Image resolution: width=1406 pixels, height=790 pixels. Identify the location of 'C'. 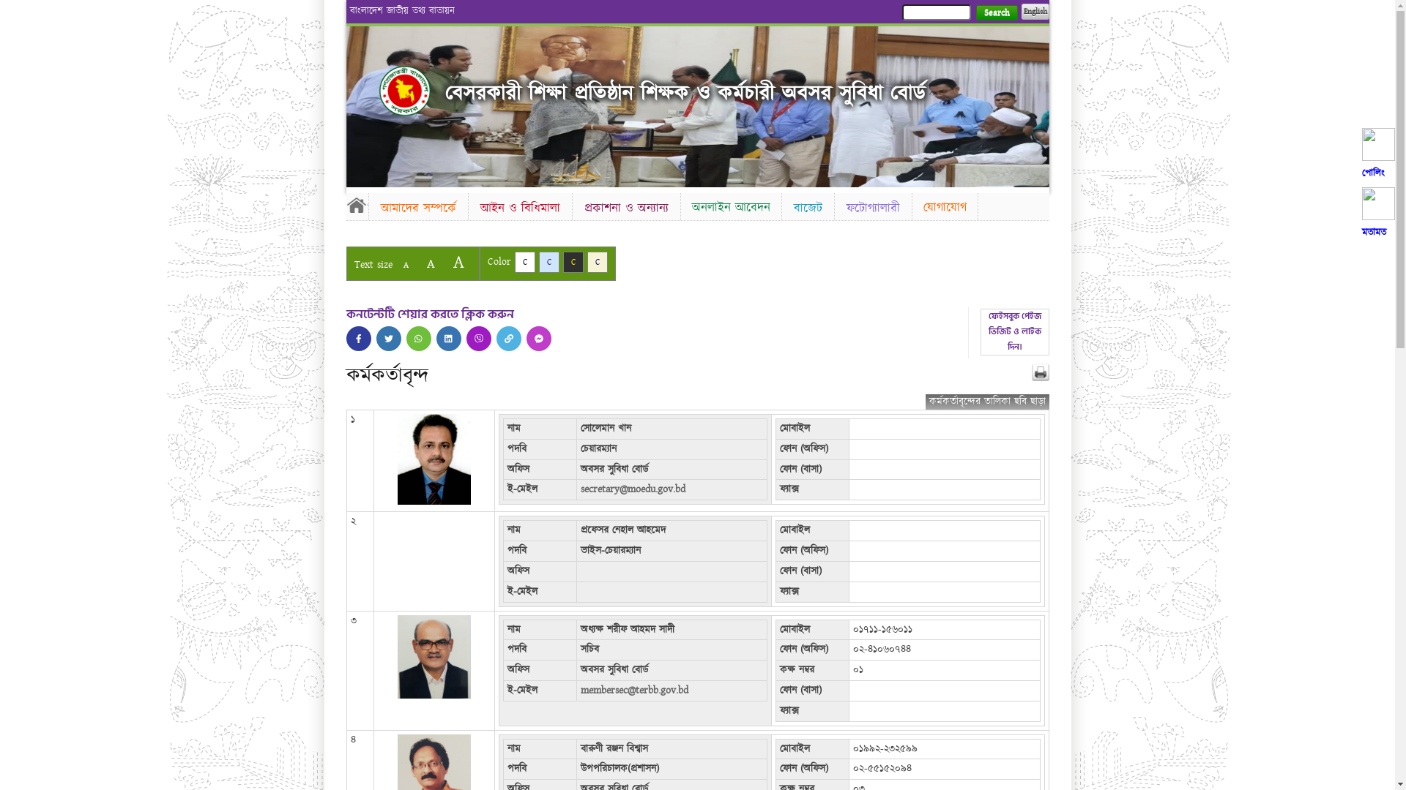
(513, 261).